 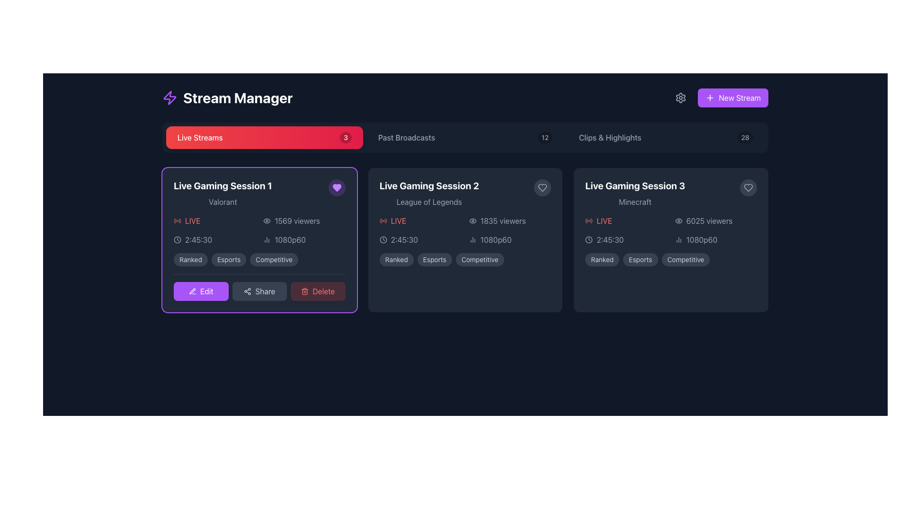 I want to click on the static text label displaying 'Minecraft' located below the title in the card titled 'Live Gaming Session 3', so click(x=635, y=202).